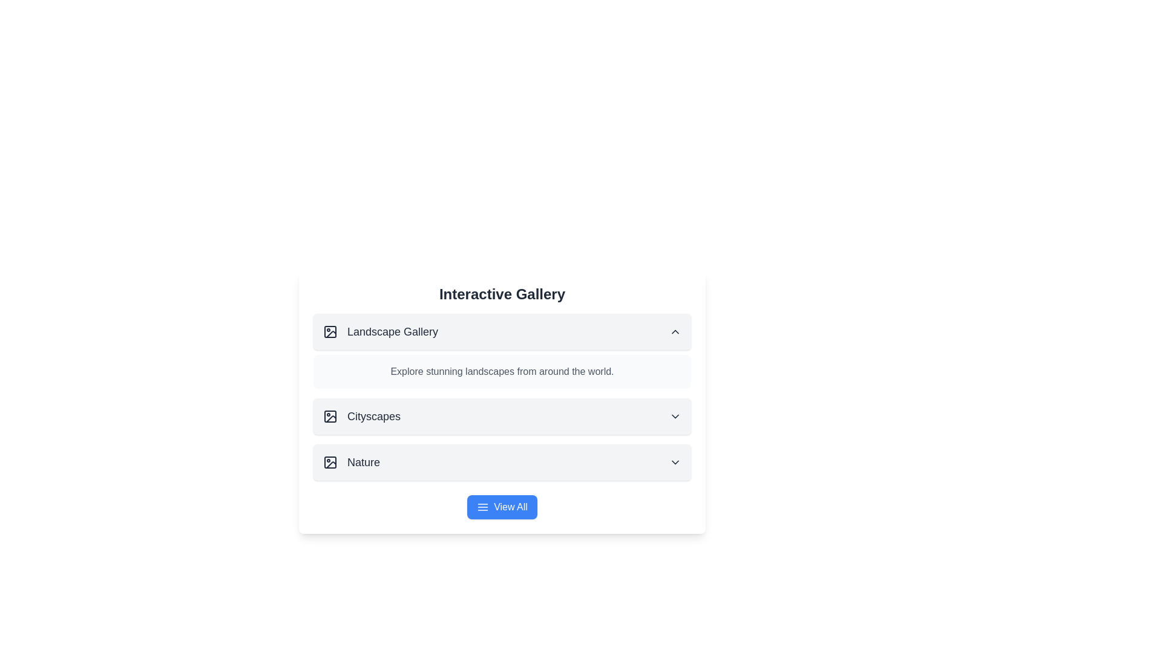 Image resolution: width=1162 pixels, height=653 pixels. I want to click on the minimalistic square image placeholder icon with a diagonal slash, located, so click(330, 331).